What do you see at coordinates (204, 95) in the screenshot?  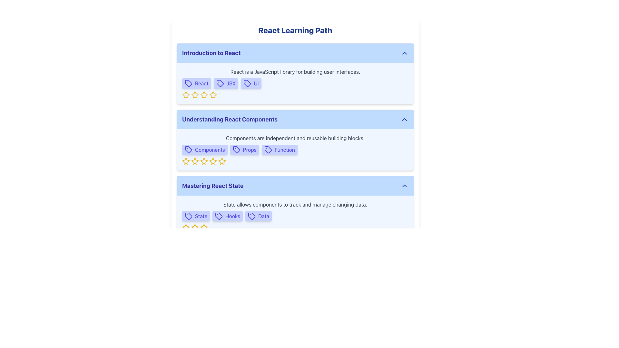 I see `the fifth star icon in the row of rating stars located beneath the 'Introduction to React' section` at bounding box center [204, 95].